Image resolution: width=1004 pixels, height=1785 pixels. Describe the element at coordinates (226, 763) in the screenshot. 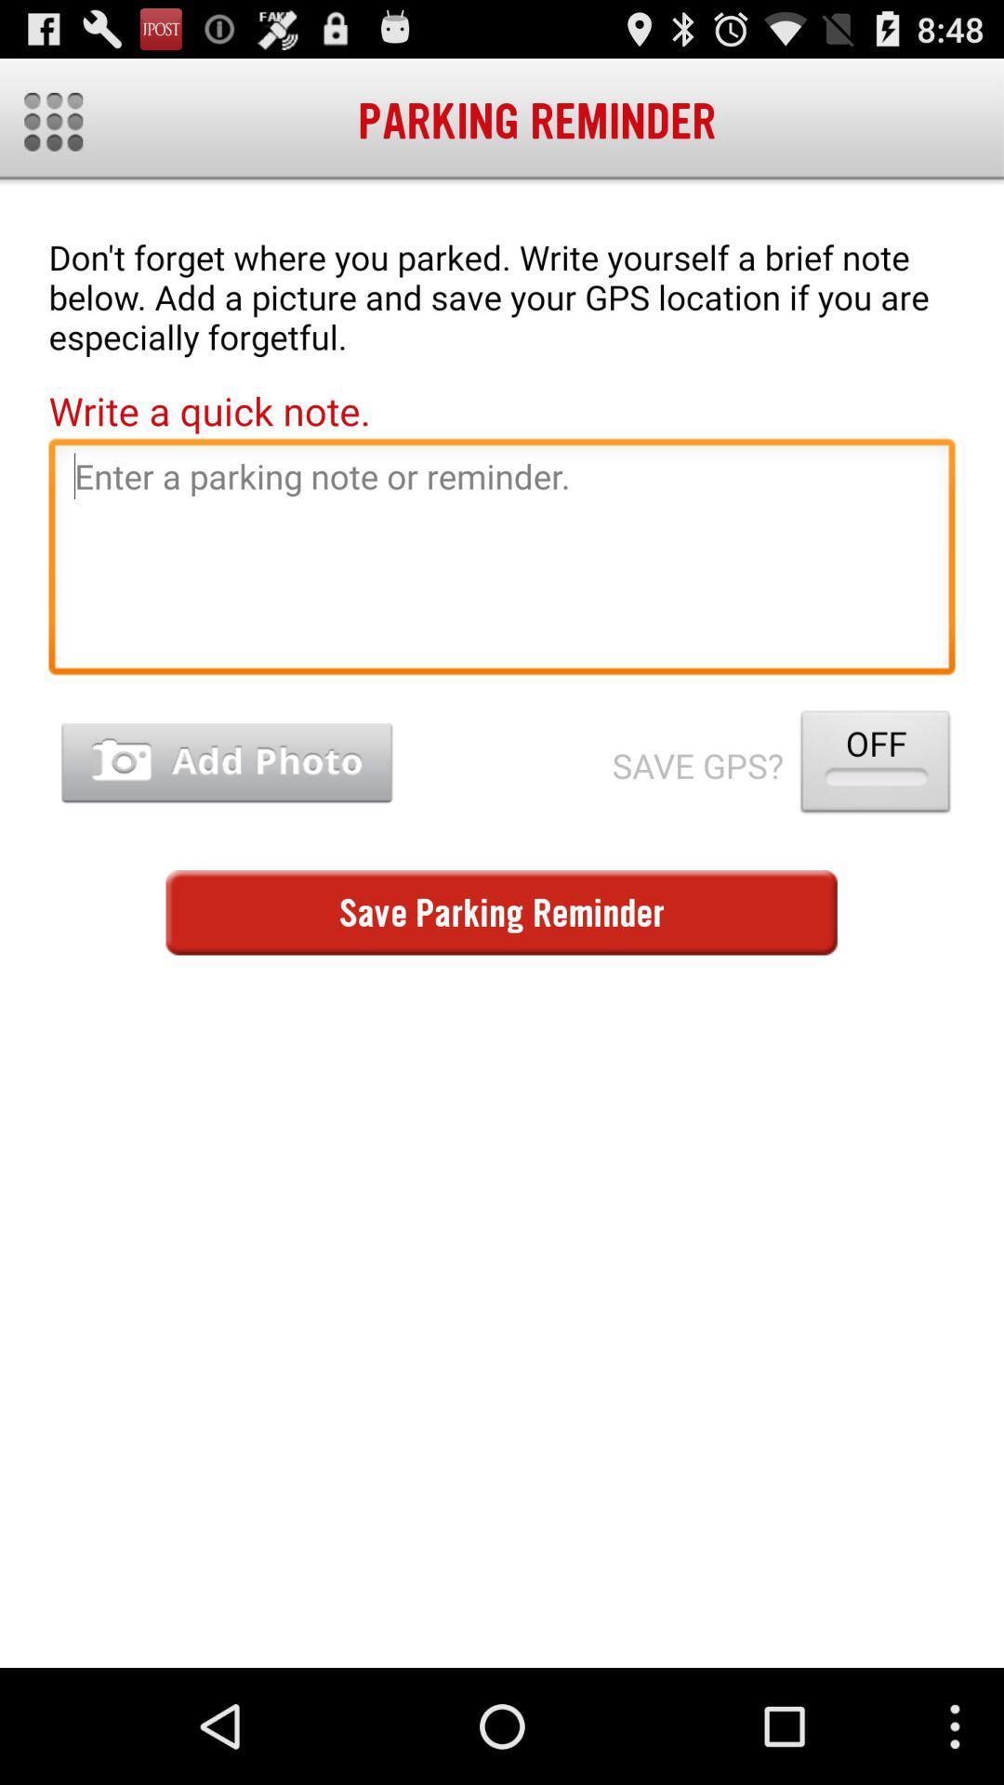

I see `icon to the left of the save gps? app` at that location.